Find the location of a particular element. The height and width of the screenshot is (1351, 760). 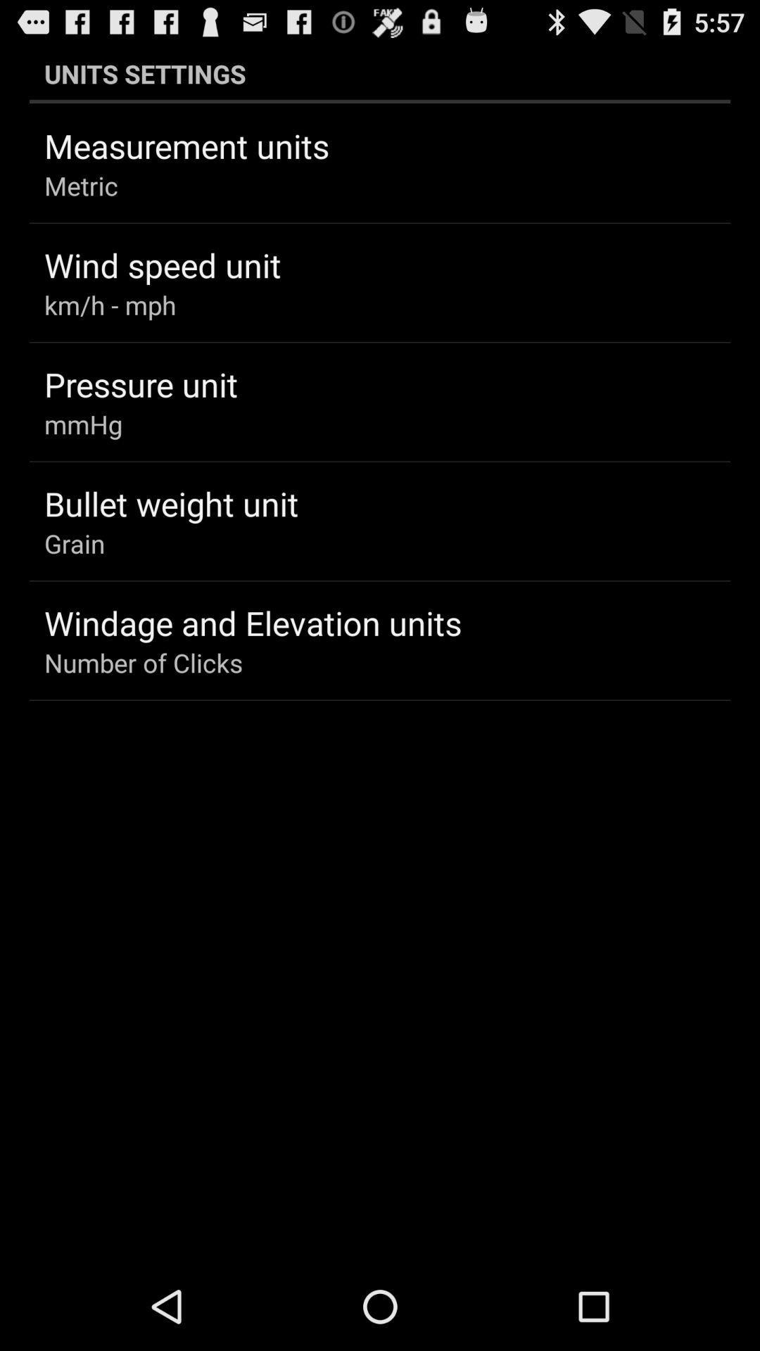

wind speed unit app is located at coordinates (162, 265).